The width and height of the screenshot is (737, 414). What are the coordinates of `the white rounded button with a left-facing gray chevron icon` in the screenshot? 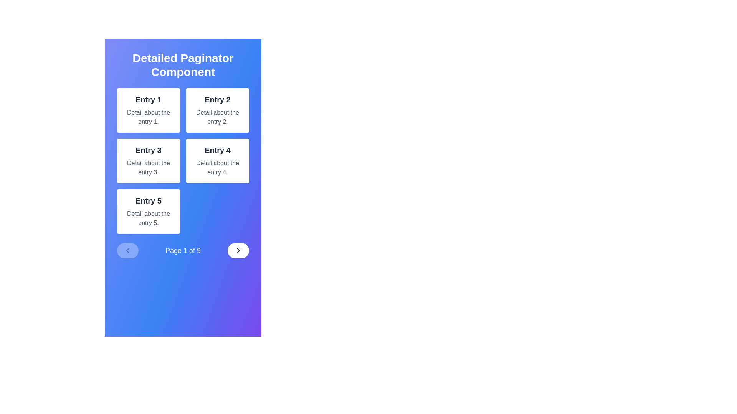 It's located at (127, 251).